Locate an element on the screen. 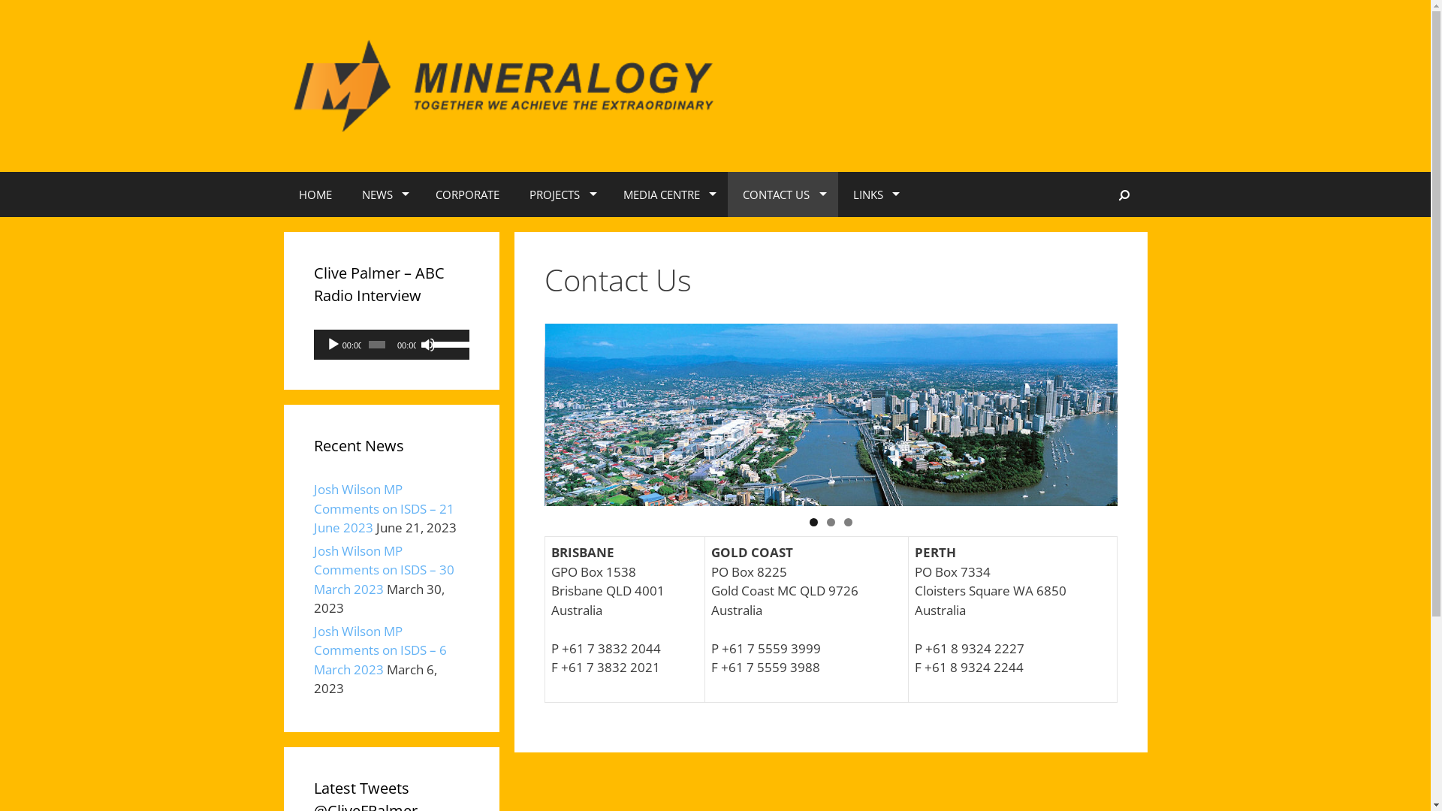  'HOME' is located at coordinates (315, 193).